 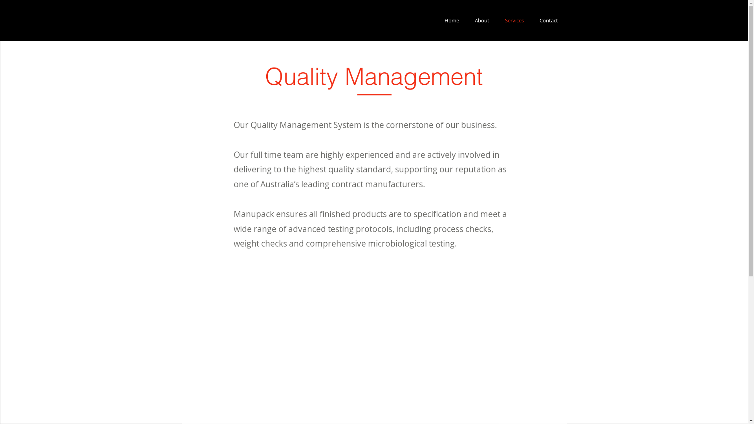 What do you see at coordinates (514, 20) in the screenshot?
I see `'Services'` at bounding box center [514, 20].